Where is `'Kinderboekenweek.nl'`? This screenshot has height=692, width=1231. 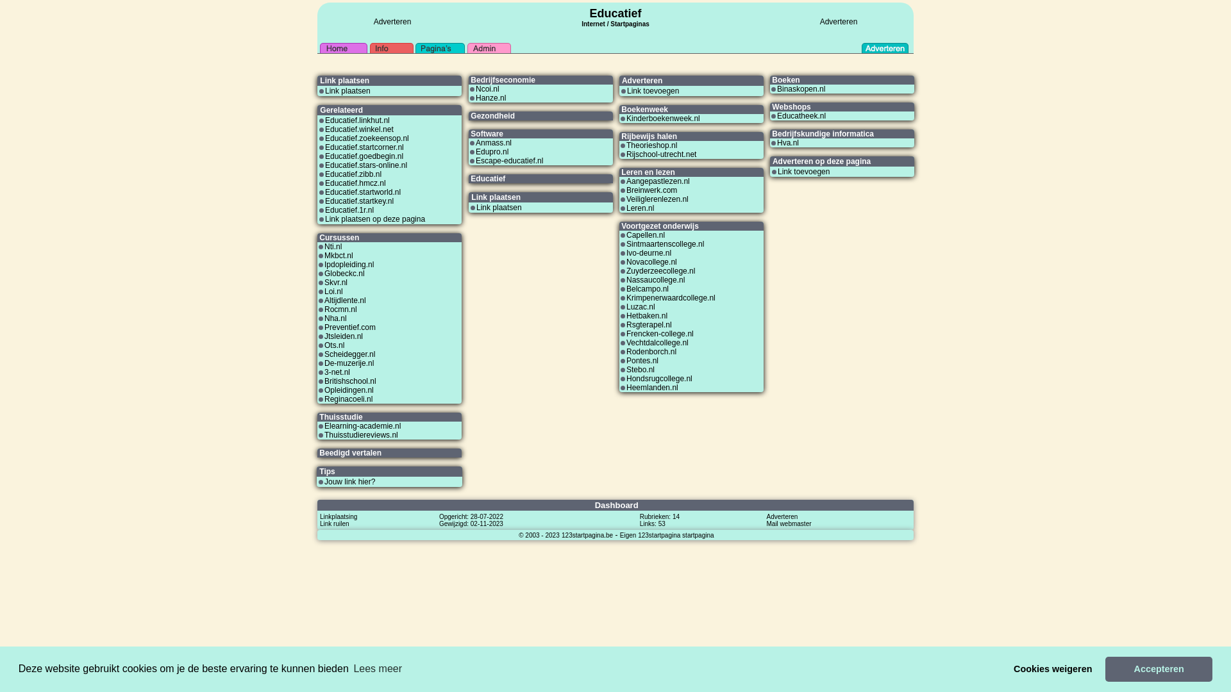
'Kinderboekenweek.nl' is located at coordinates (663, 119).